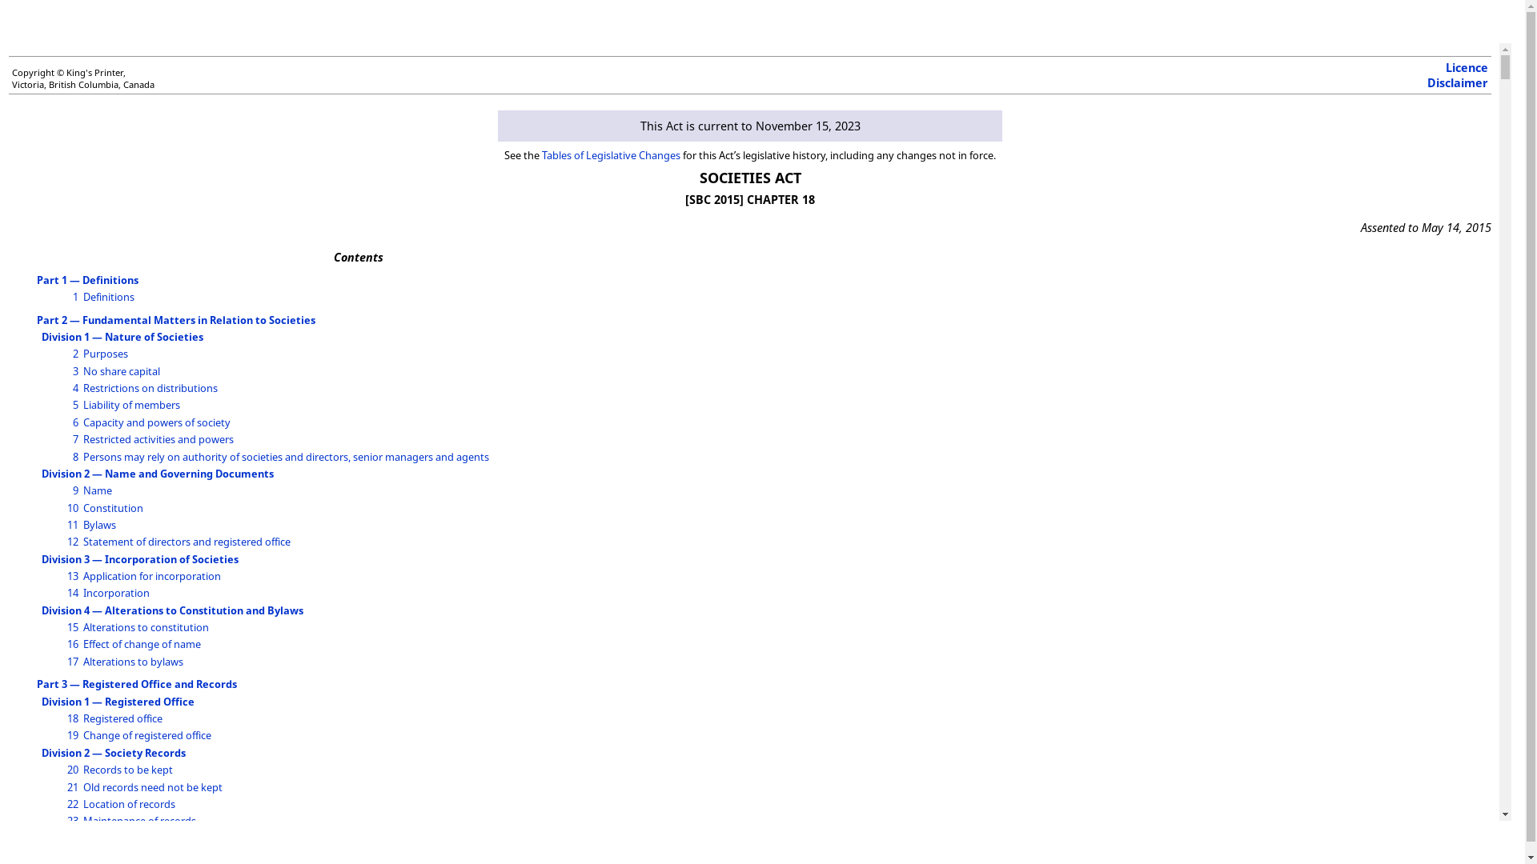 The image size is (1537, 864). What do you see at coordinates (153, 786) in the screenshot?
I see `'Old records need not be kept'` at bounding box center [153, 786].